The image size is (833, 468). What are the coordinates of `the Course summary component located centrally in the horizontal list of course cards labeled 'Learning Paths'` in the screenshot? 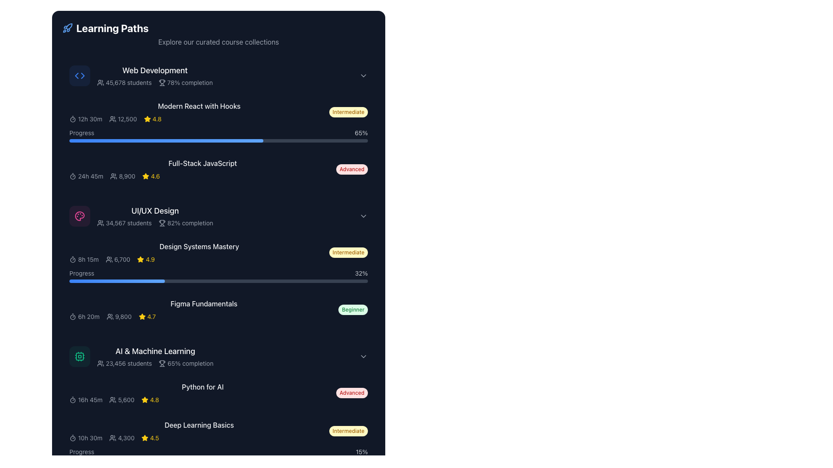 It's located at (203, 309).